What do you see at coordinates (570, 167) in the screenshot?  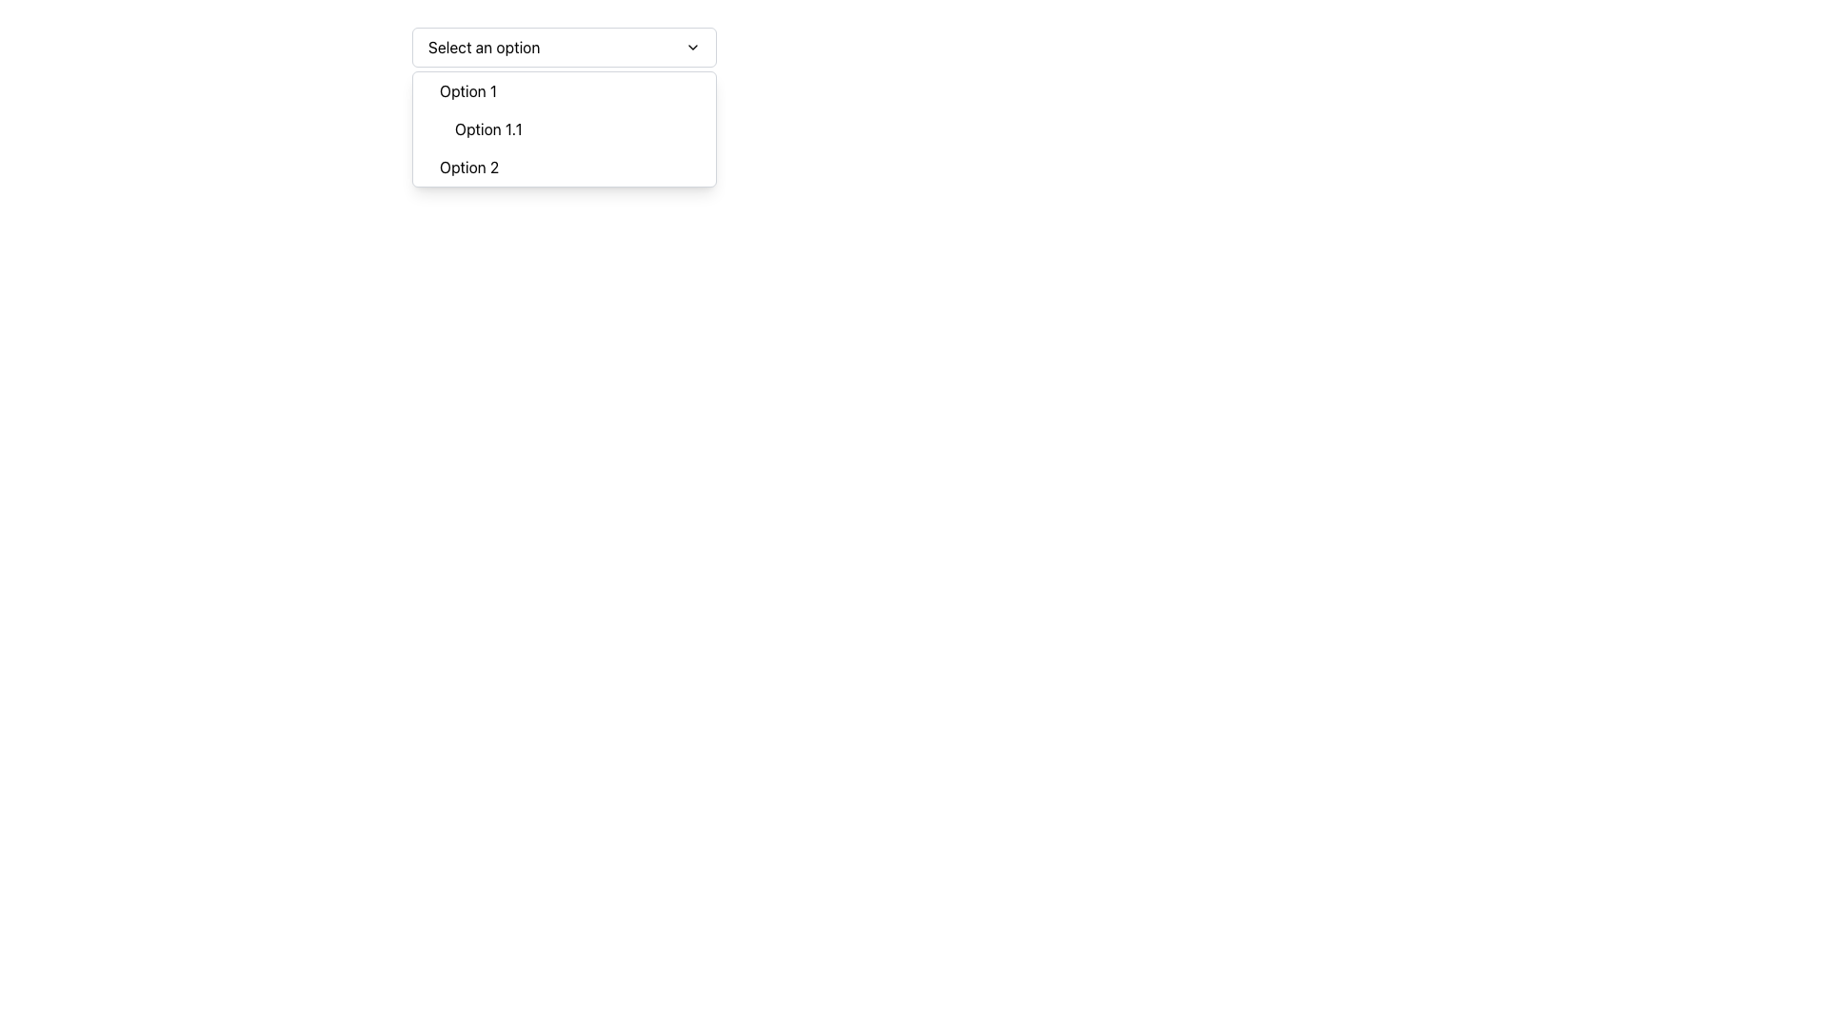 I see `the 'Option 2' menu option in the dropdown to trigger its hover state` at bounding box center [570, 167].